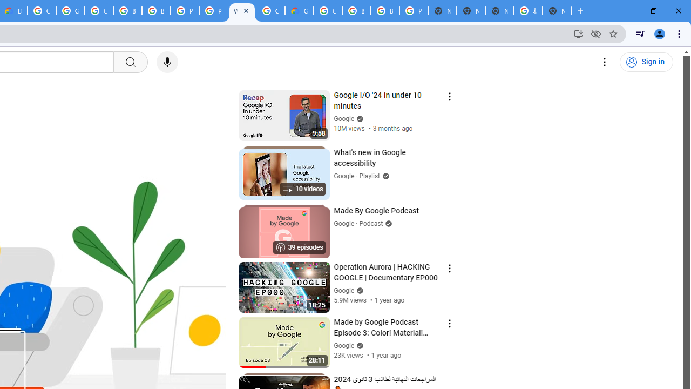 The image size is (691, 389). What do you see at coordinates (358, 345) in the screenshot?
I see `'Verified'` at bounding box center [358, 345].